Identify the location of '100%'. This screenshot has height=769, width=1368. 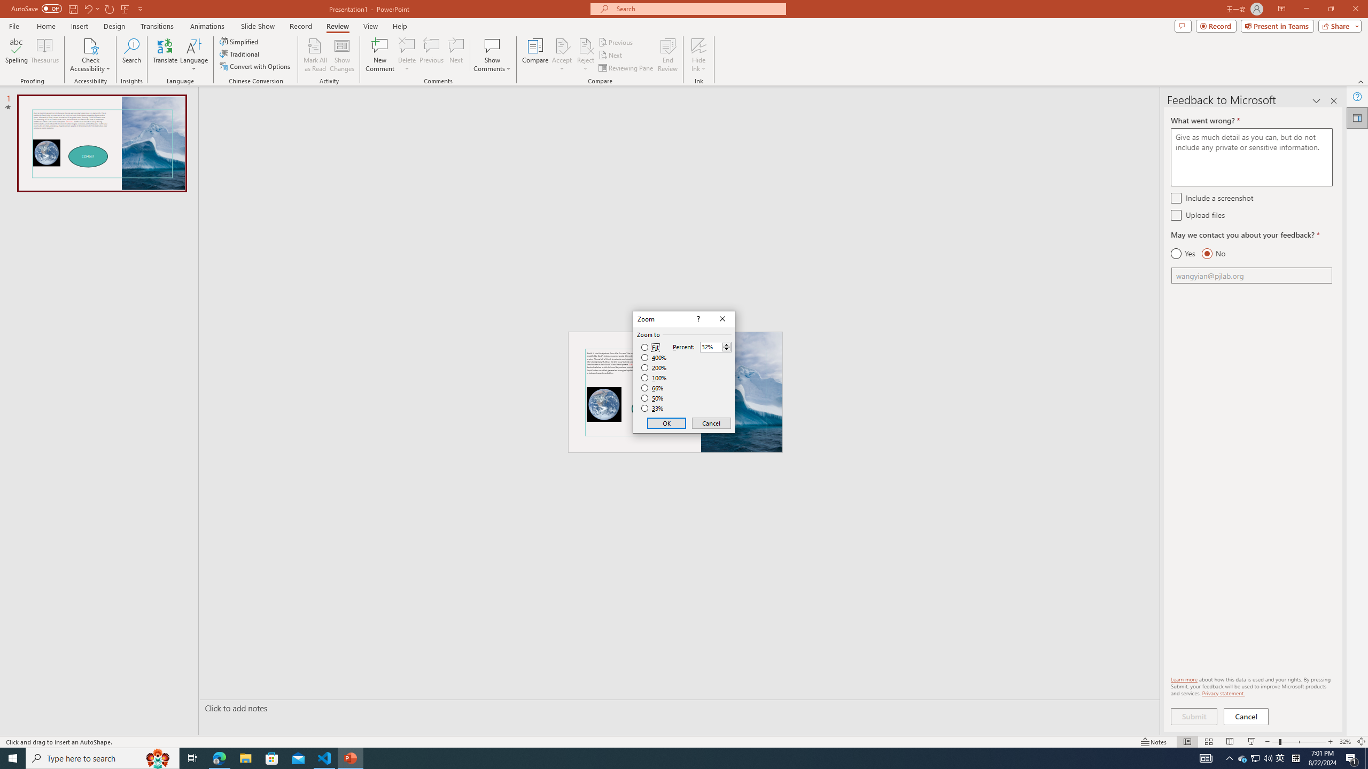
(654, 377).